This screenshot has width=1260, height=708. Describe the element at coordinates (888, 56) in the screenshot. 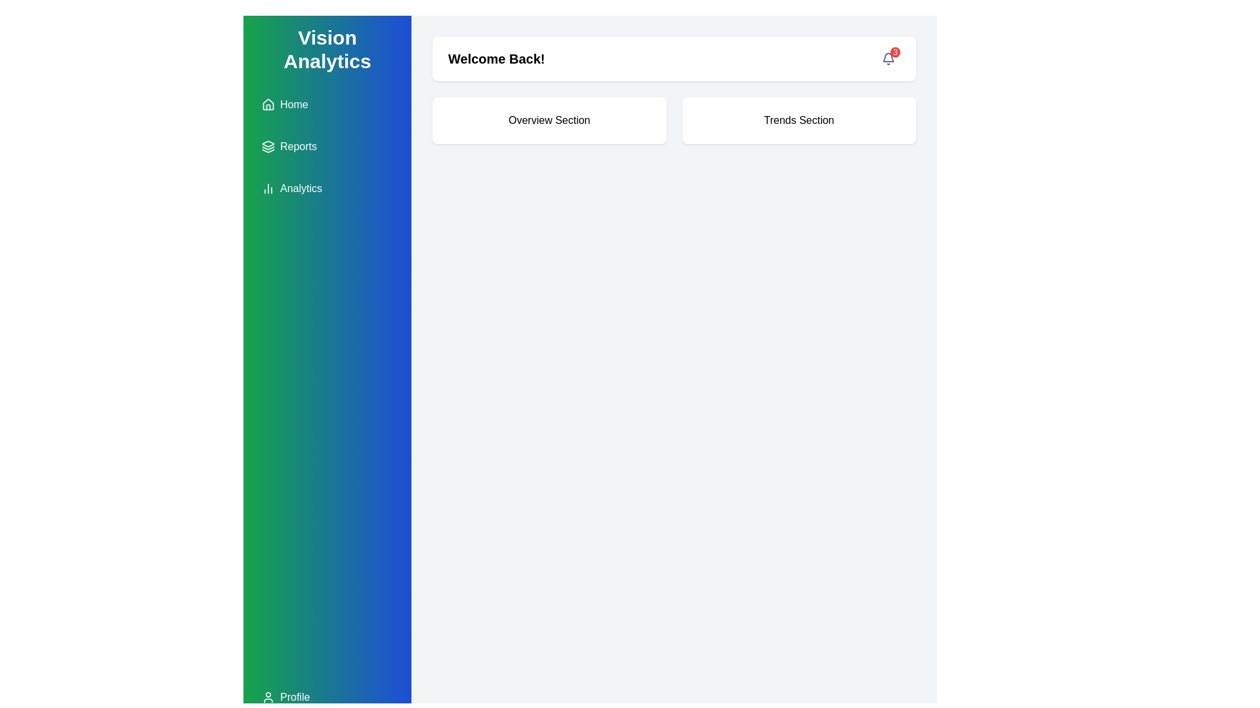

I see `the bell-shaped icon located in the top-right section of the interface to interact with it` at that location.